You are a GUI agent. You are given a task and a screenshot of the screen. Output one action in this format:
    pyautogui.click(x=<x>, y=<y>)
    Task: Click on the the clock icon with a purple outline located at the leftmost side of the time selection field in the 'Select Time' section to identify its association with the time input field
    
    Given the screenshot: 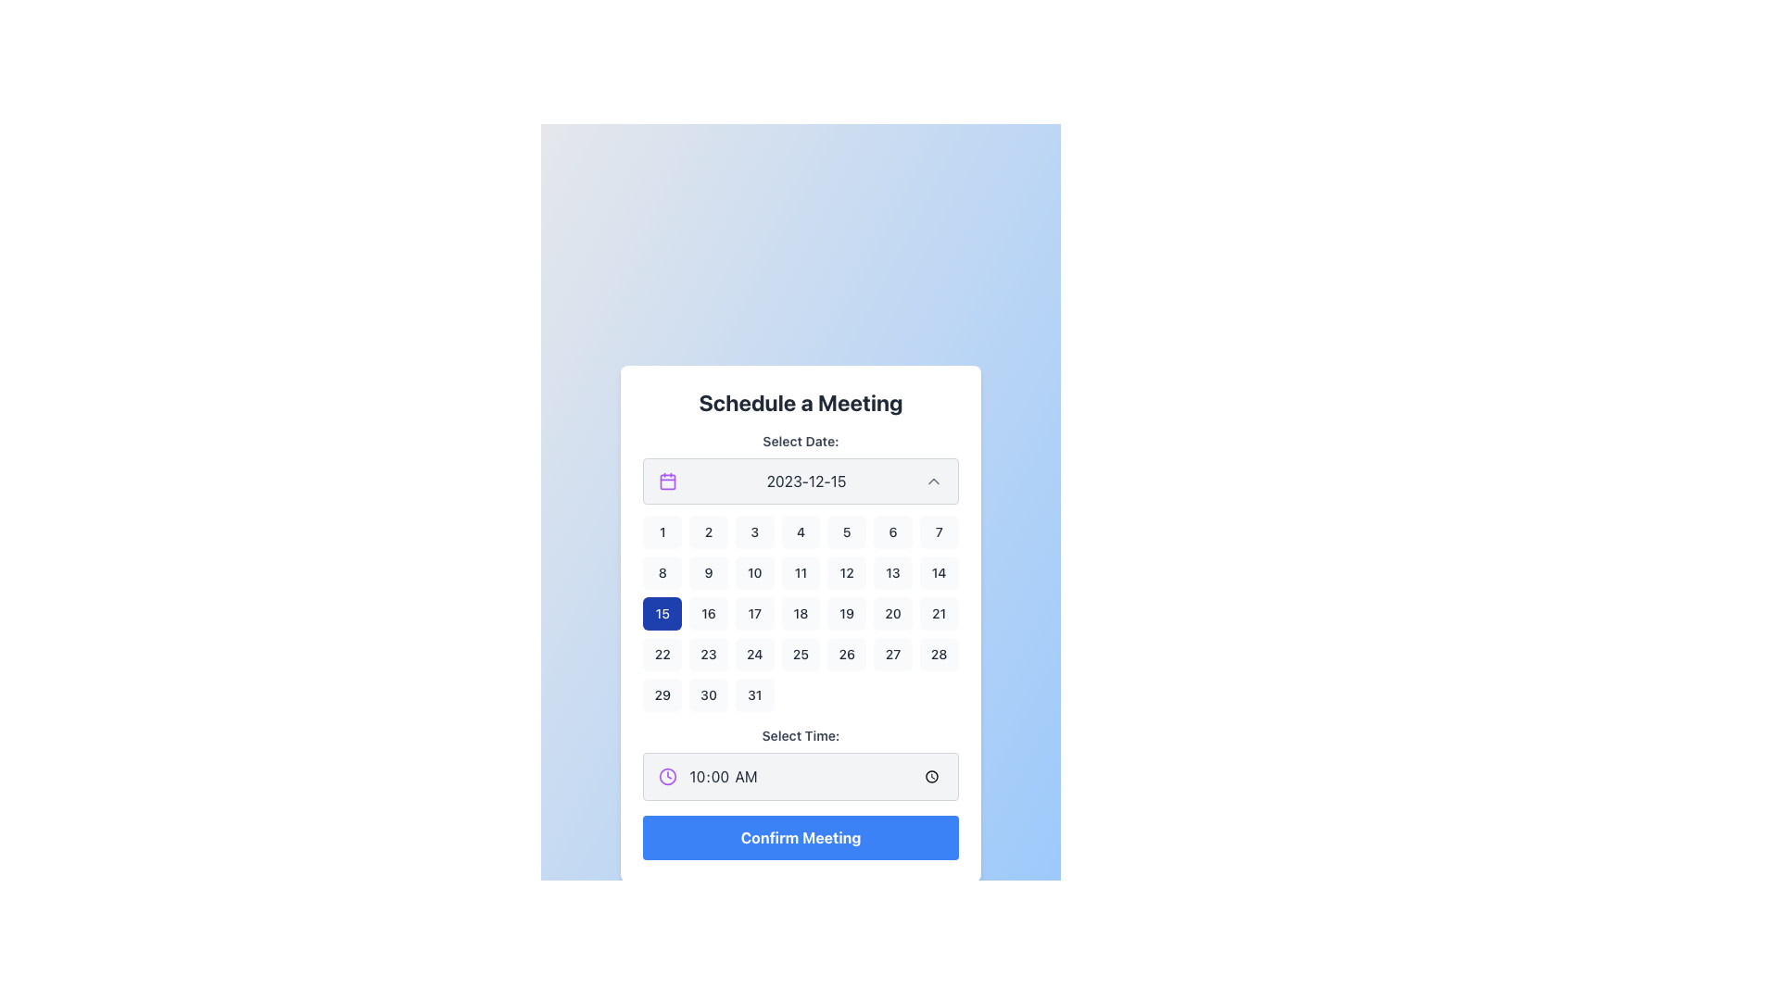 What is the action you would take?
    pyautogui.click(x=667, y=777)
    